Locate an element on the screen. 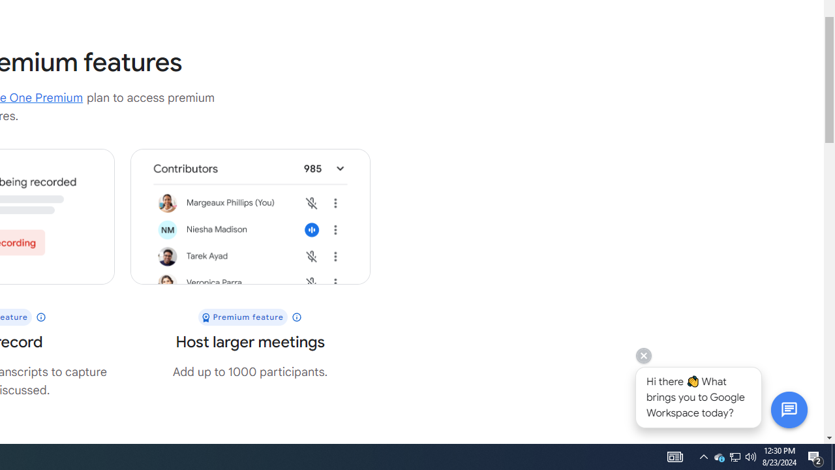 This screenshot has width=835, height=470. 'Premium feature' is located at coordinates (250, 317).